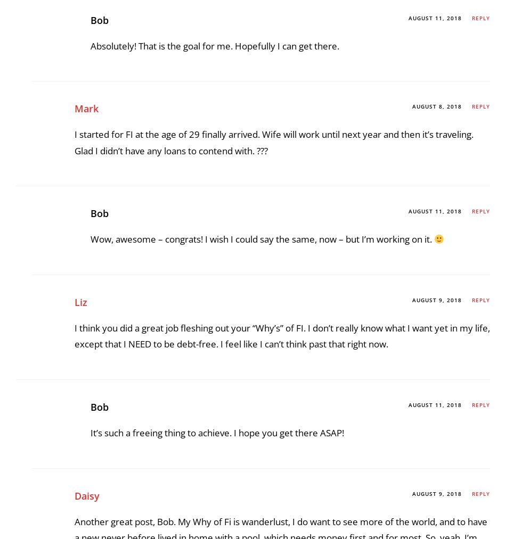 The height and width of the screenshot is (539, 506). Describe the element at coordinates (269, 247) in the screenshot. I see `'Travel is also one of the reasons why I want to be FI. It’s just nice to retire early, travel, and blog about it.'` at that location.